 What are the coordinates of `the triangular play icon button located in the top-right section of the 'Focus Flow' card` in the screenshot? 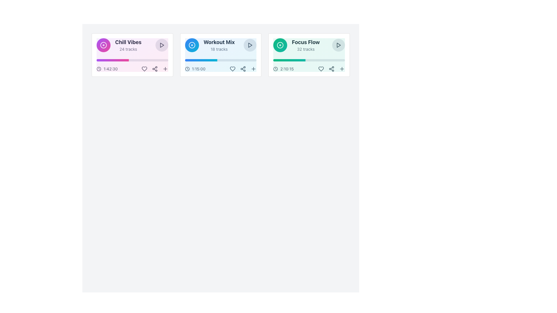 It's located at (338, 45).